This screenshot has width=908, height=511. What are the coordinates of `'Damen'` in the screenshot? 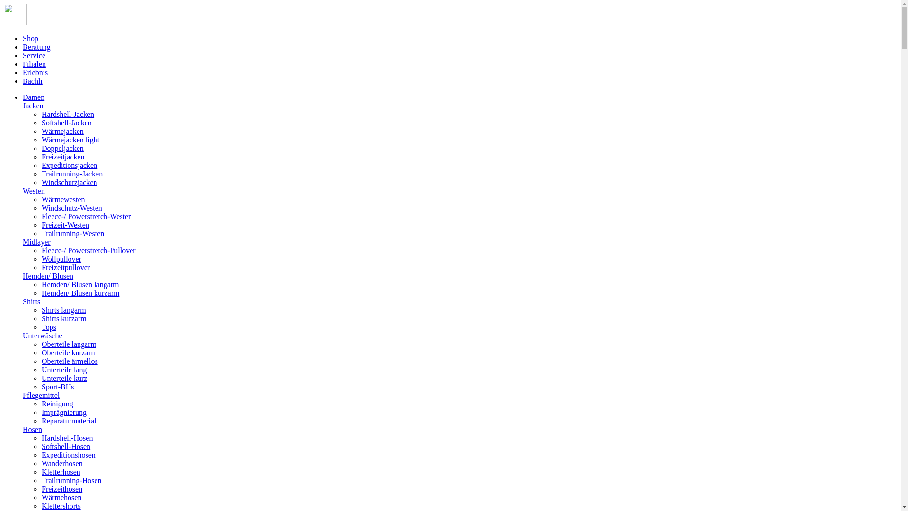 It's located at (34, 97).